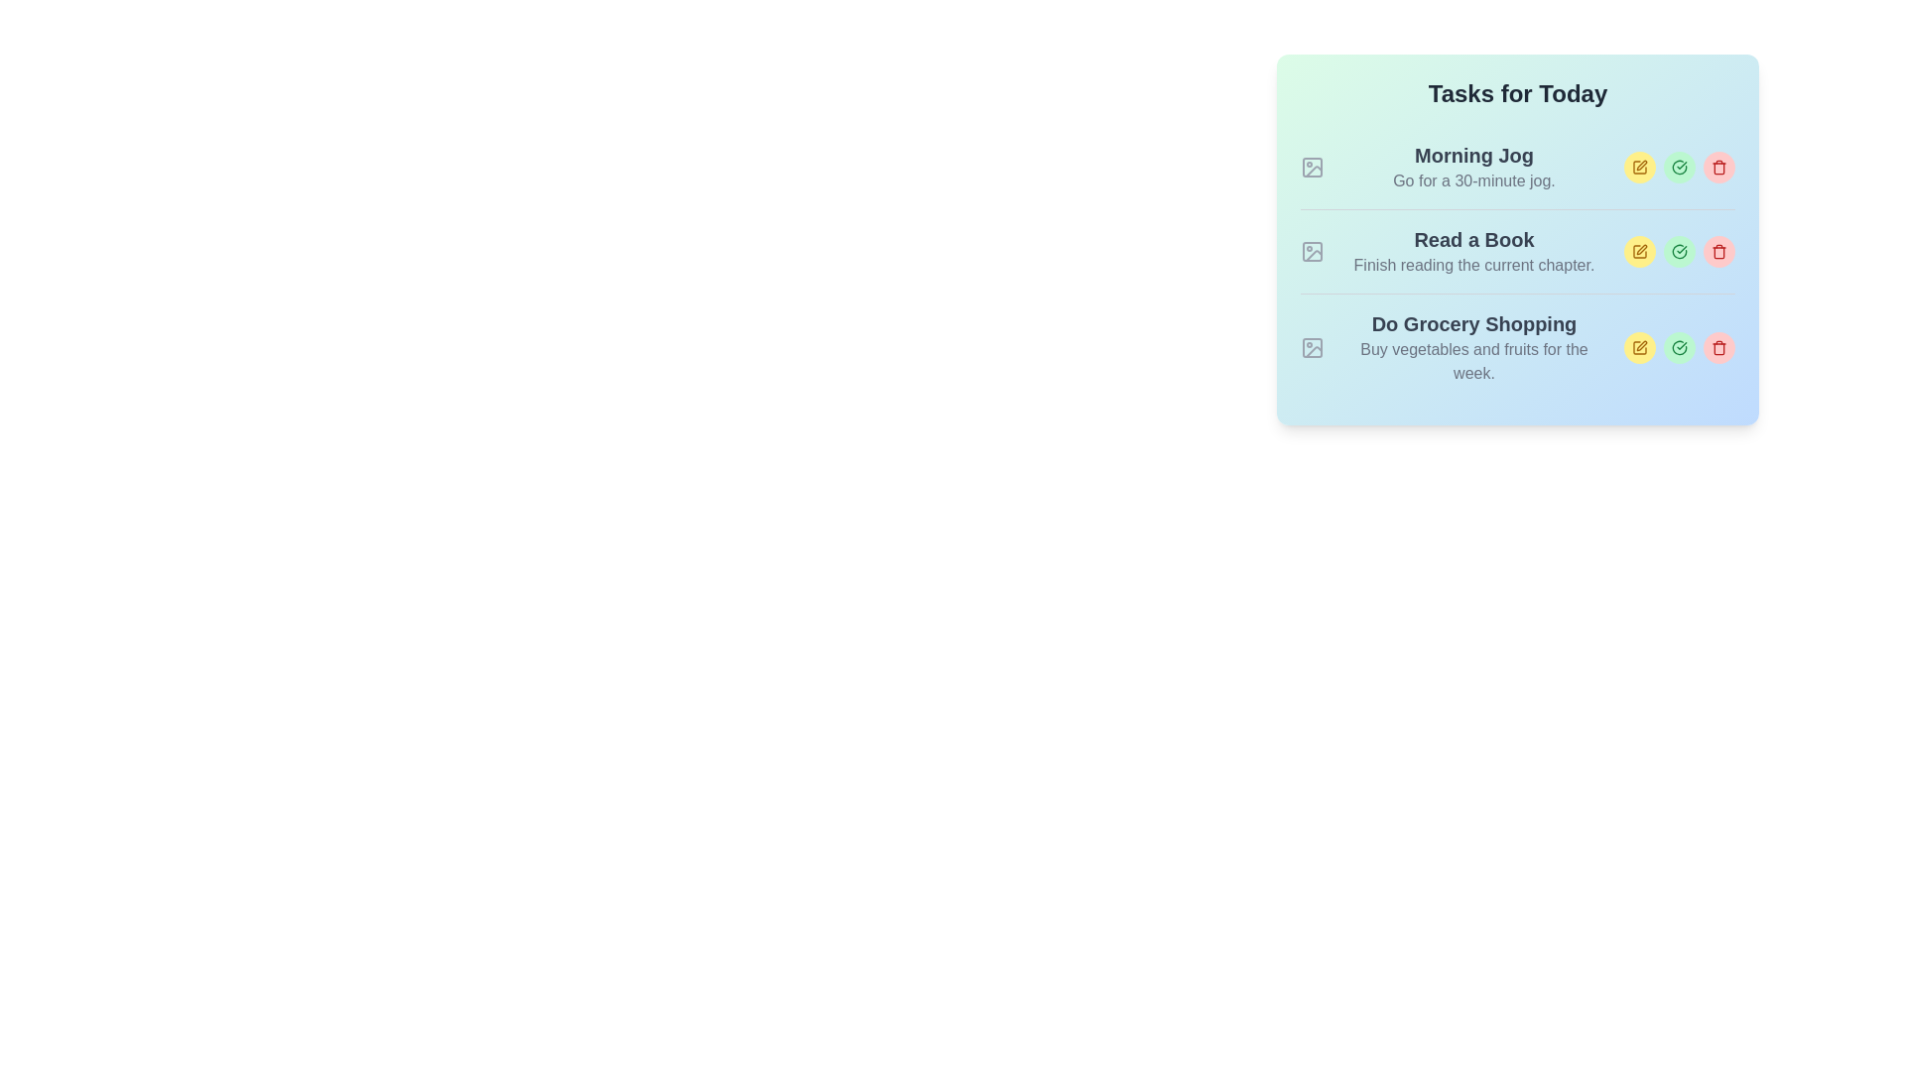 Image resolution: width=1905 pixels, height=1071 pixels. Describe the element at coordinates (1474, 155) in the screenshot. I see `text from the 'Morning Jog' label, which is a prominent header in the first task of the task list` at that location.